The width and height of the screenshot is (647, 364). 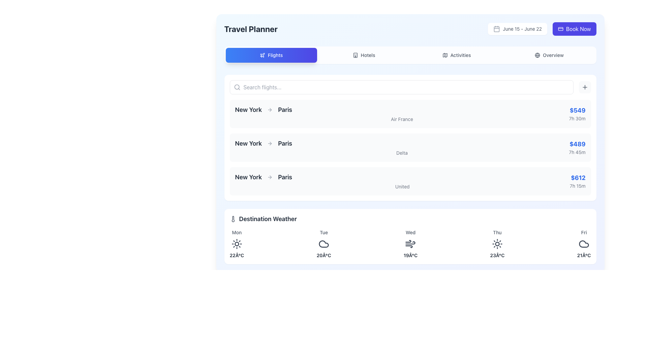 I want to click on the Static Text Label indicating the destination city for the flight options, which is aligned next to 'New York' in the second flight entry, so click(x=285, y=143).